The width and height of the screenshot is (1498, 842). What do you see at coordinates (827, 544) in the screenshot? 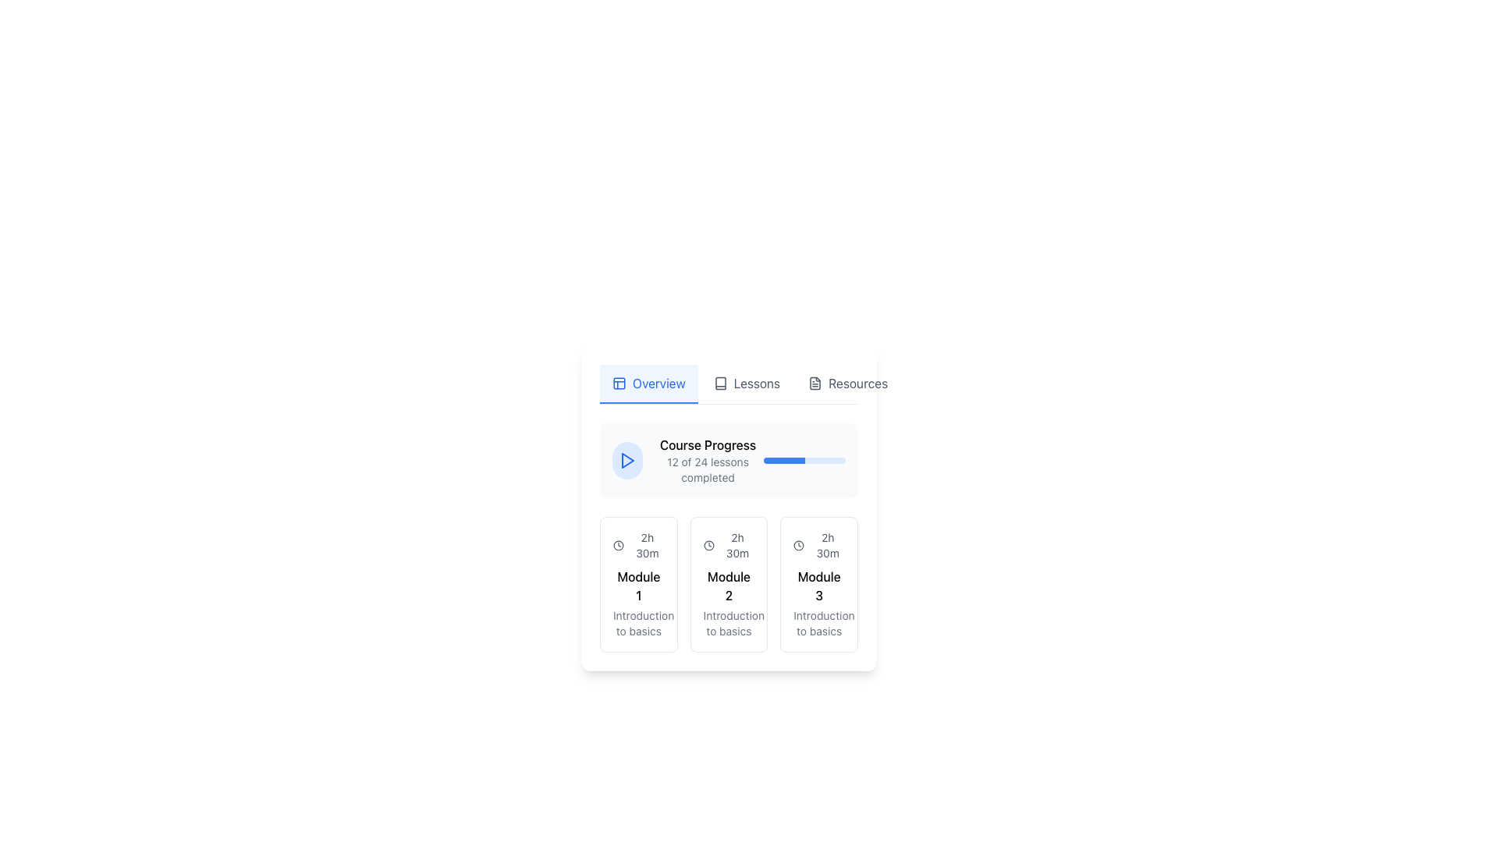
I see `text label displaying the duration of the module's content, which is centrally positioned within the third module card and adjacent to the clock icon` at bounding box center [827, 544].